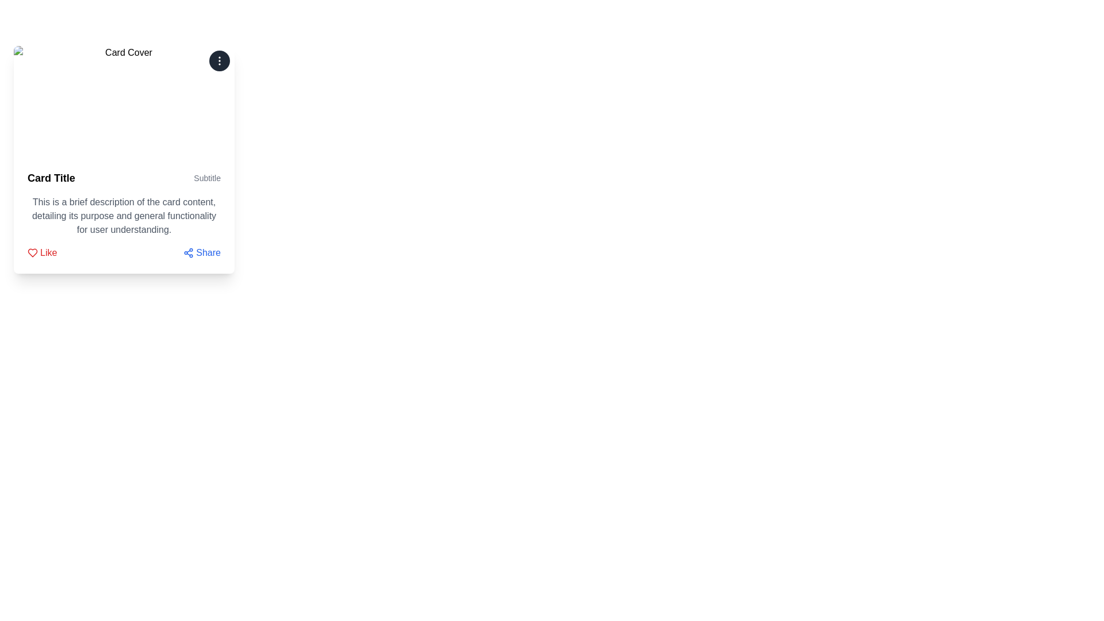 The width and height of the screenshot is (1104, 621). Describe the element at coordinates (220, 60) in the screenshot. I see `the button with an icon located at the top-right corner of the card` at that location.